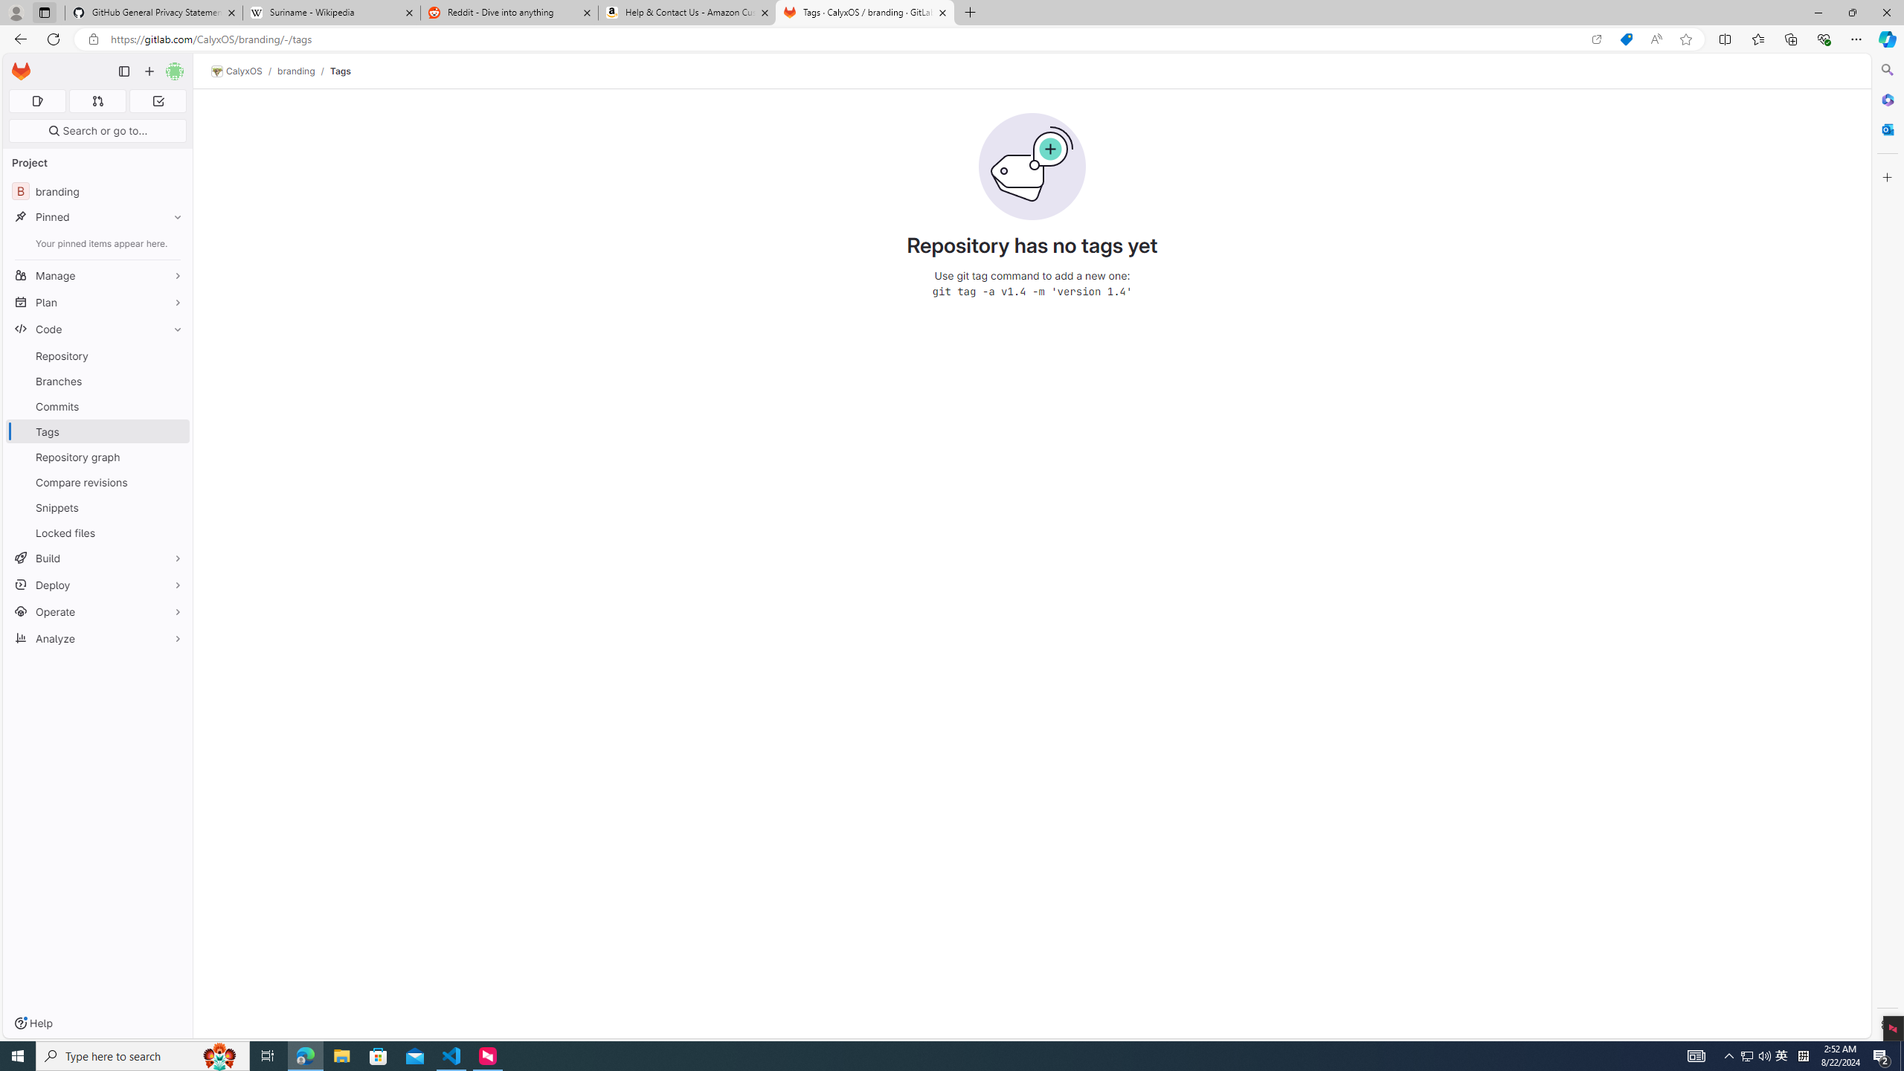  Describe the element at coordinates (97, 506) in the screenshot. I see `'Snippets'` at that location.